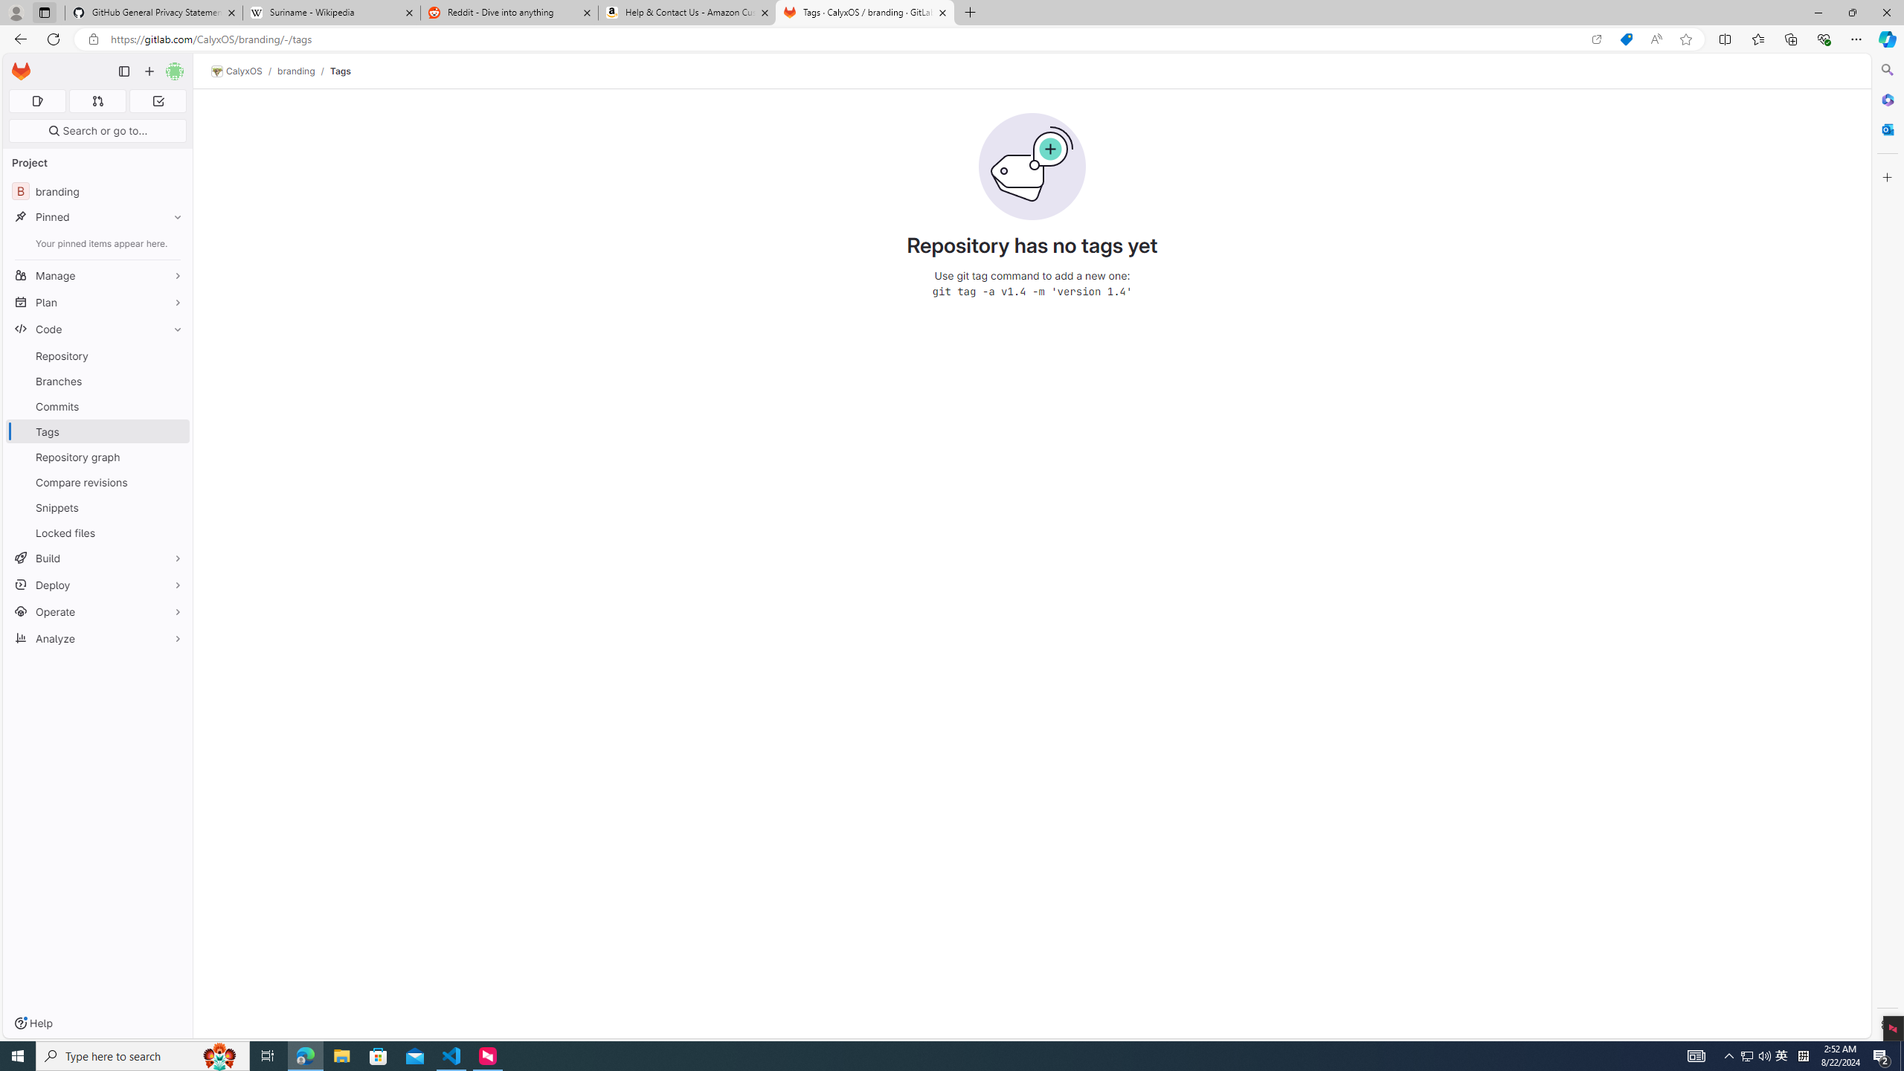  Describe the element at coordinates (97, 506) in the screenshot. I see `'Snippets'` at that location.